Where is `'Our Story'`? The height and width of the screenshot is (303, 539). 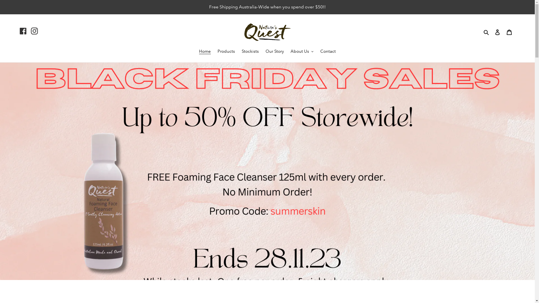
'Our Story' is located at coordinates (275, 52).